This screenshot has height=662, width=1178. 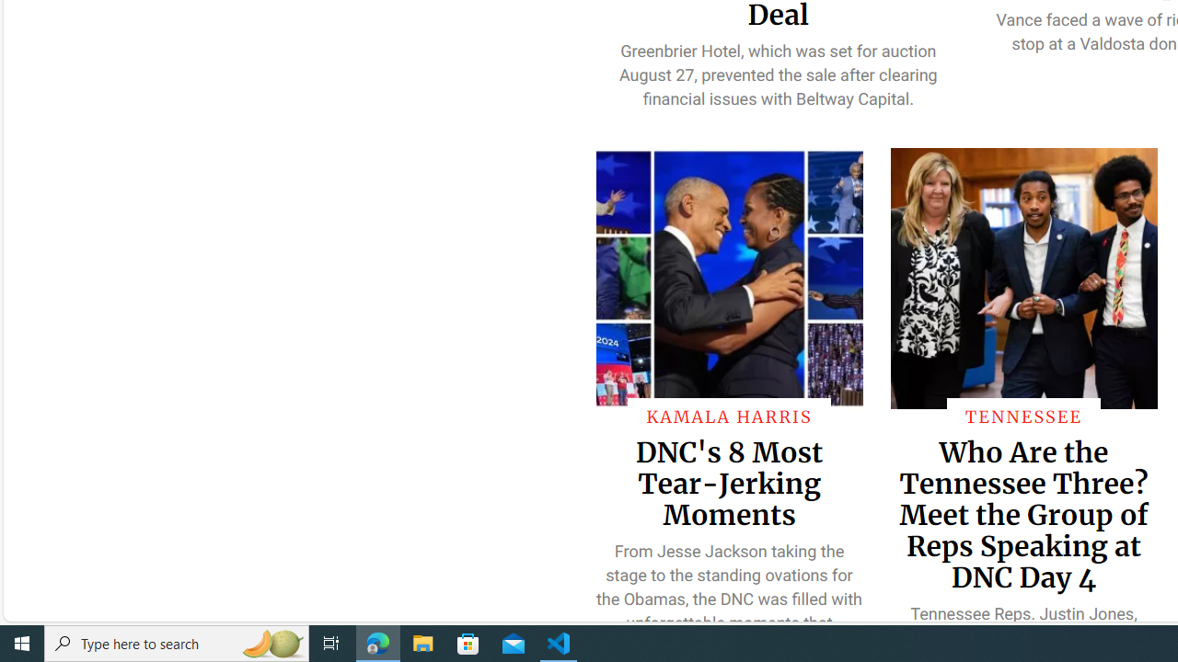 What do you see at coordinates (728, 482) in the screenshot?
I see `'DNC'` at bounding box center [728, 482].